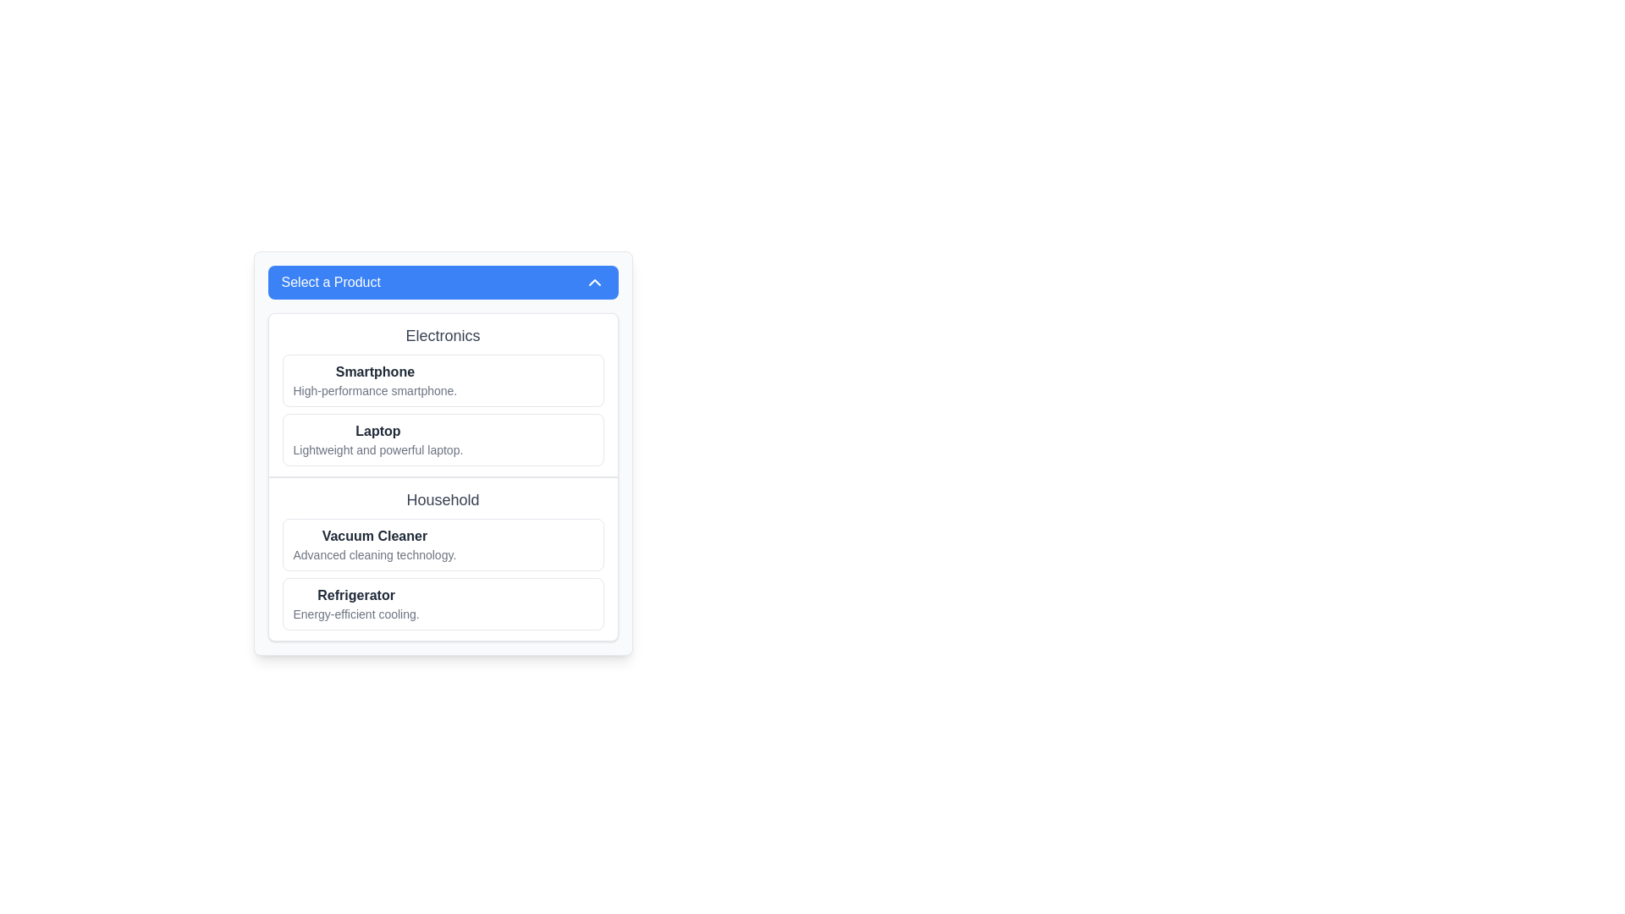  I want to click on the first list item under the 'Household' category that presents the name and description of a vacuum cleaner for interaction, so click(443, 545).